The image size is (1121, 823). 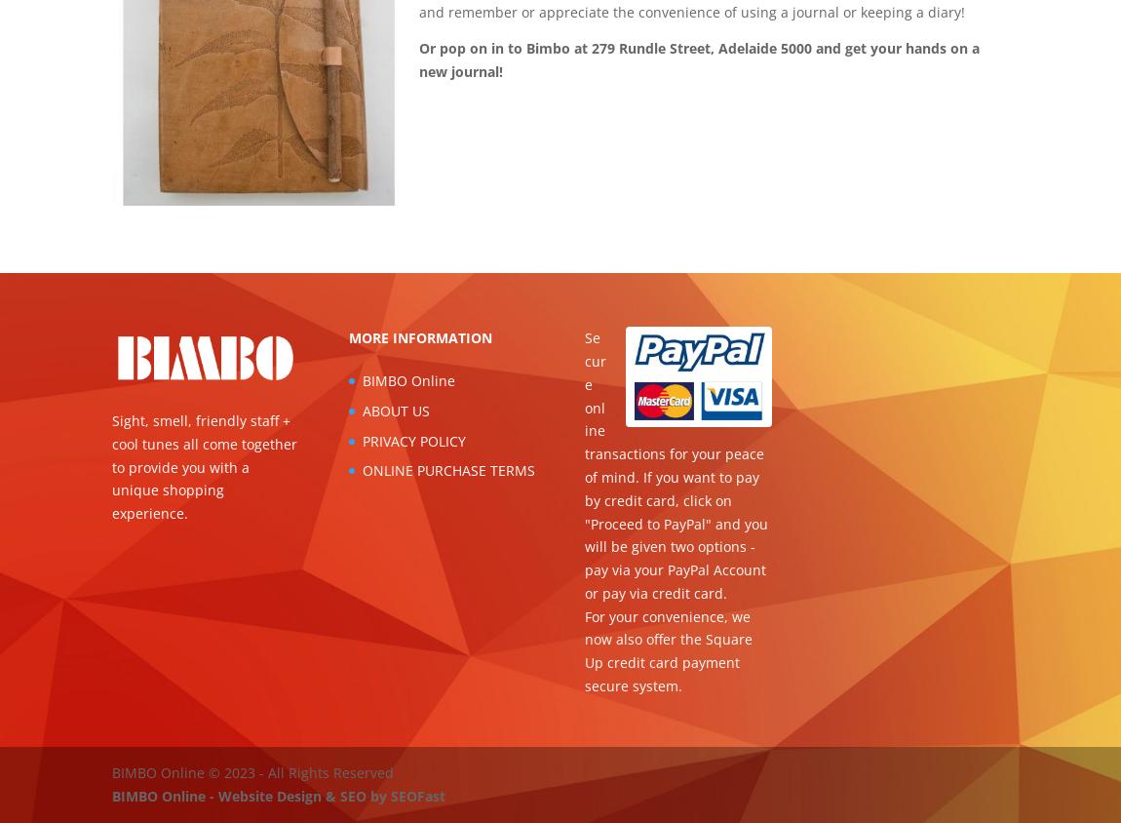 I want to click on 'MORE INFORMATION', so click(x=347, y=337).